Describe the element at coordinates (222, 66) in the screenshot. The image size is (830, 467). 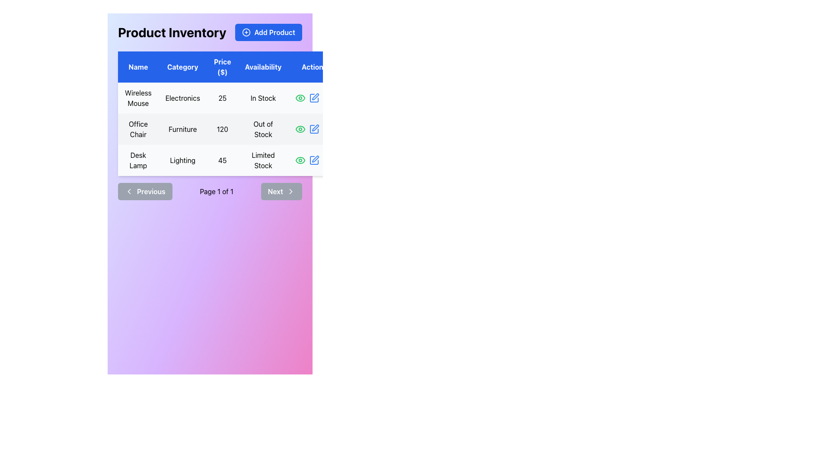
I see `the 'Price ($)' text label element, which is styled in white font on a blue background and is centrally aligned in its cell within the header row of a table layout` at that location.